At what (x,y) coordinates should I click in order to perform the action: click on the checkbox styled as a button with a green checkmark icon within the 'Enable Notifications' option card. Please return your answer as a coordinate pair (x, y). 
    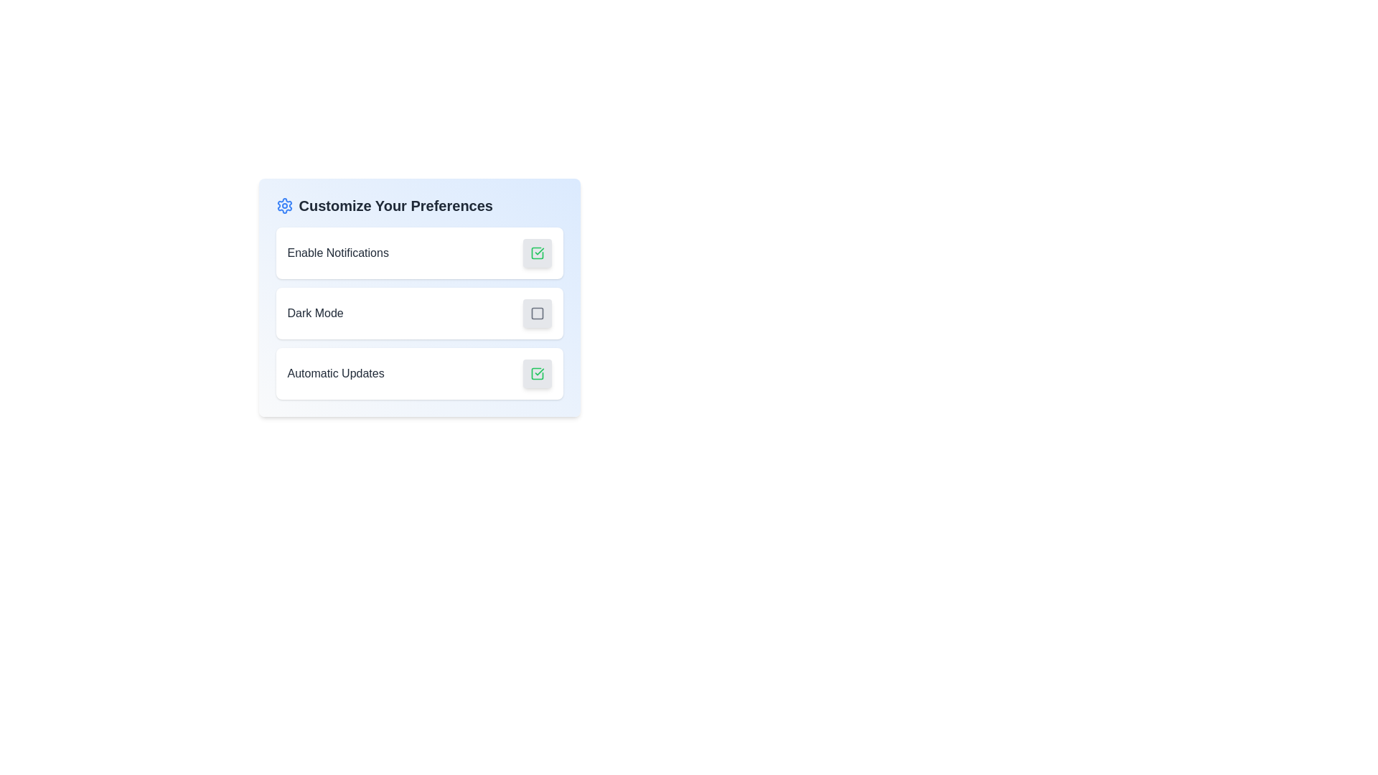
    Looking at the image, I should click on (536, 253).